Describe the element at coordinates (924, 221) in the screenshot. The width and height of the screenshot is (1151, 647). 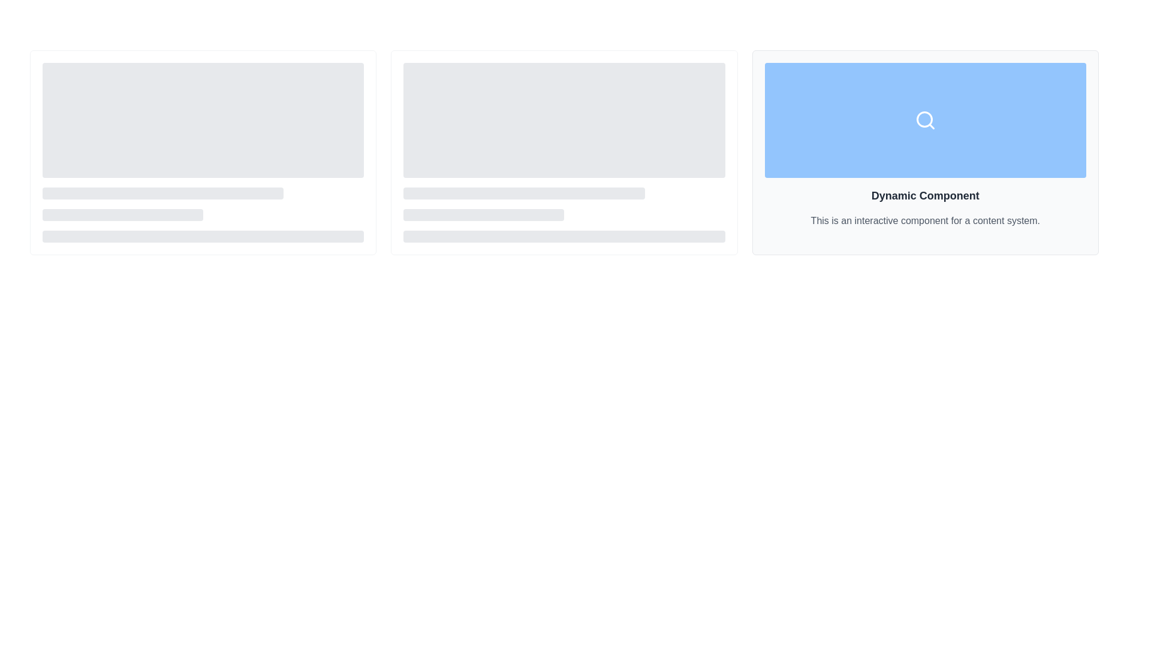
I see `information from the text label located below the heading 'Dynamic Component' in the card on the rightmost side of the three-column layout` at that location.